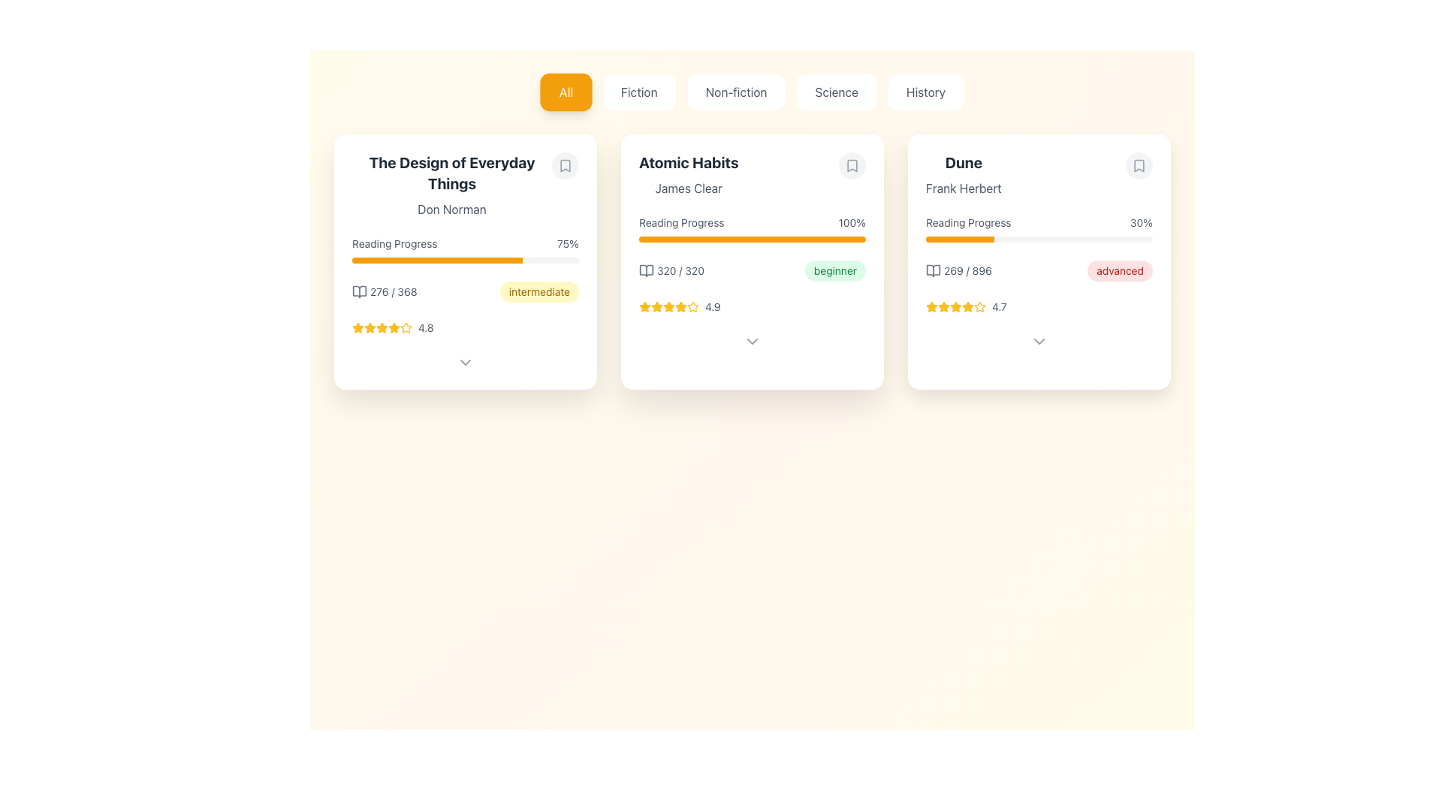  Describe the element at coordinates (926, 239) in the screenshot. I see `the reading progress` at that location.